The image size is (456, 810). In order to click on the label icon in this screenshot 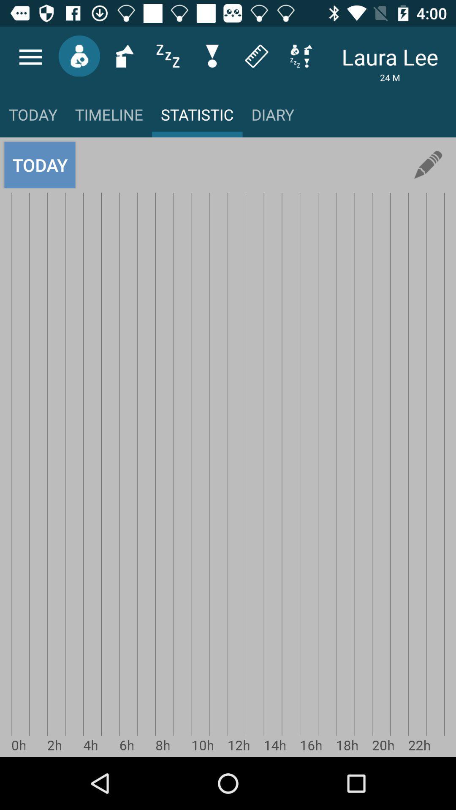, I will do `click(256, 55)`.